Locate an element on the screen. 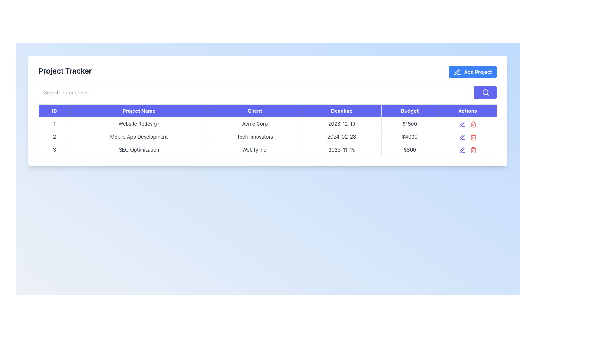 Image resolution: width=606 pixels, height=341 pixels. the values in the table row for the project 'Website Redesign' is located at coordinates (268, 124).